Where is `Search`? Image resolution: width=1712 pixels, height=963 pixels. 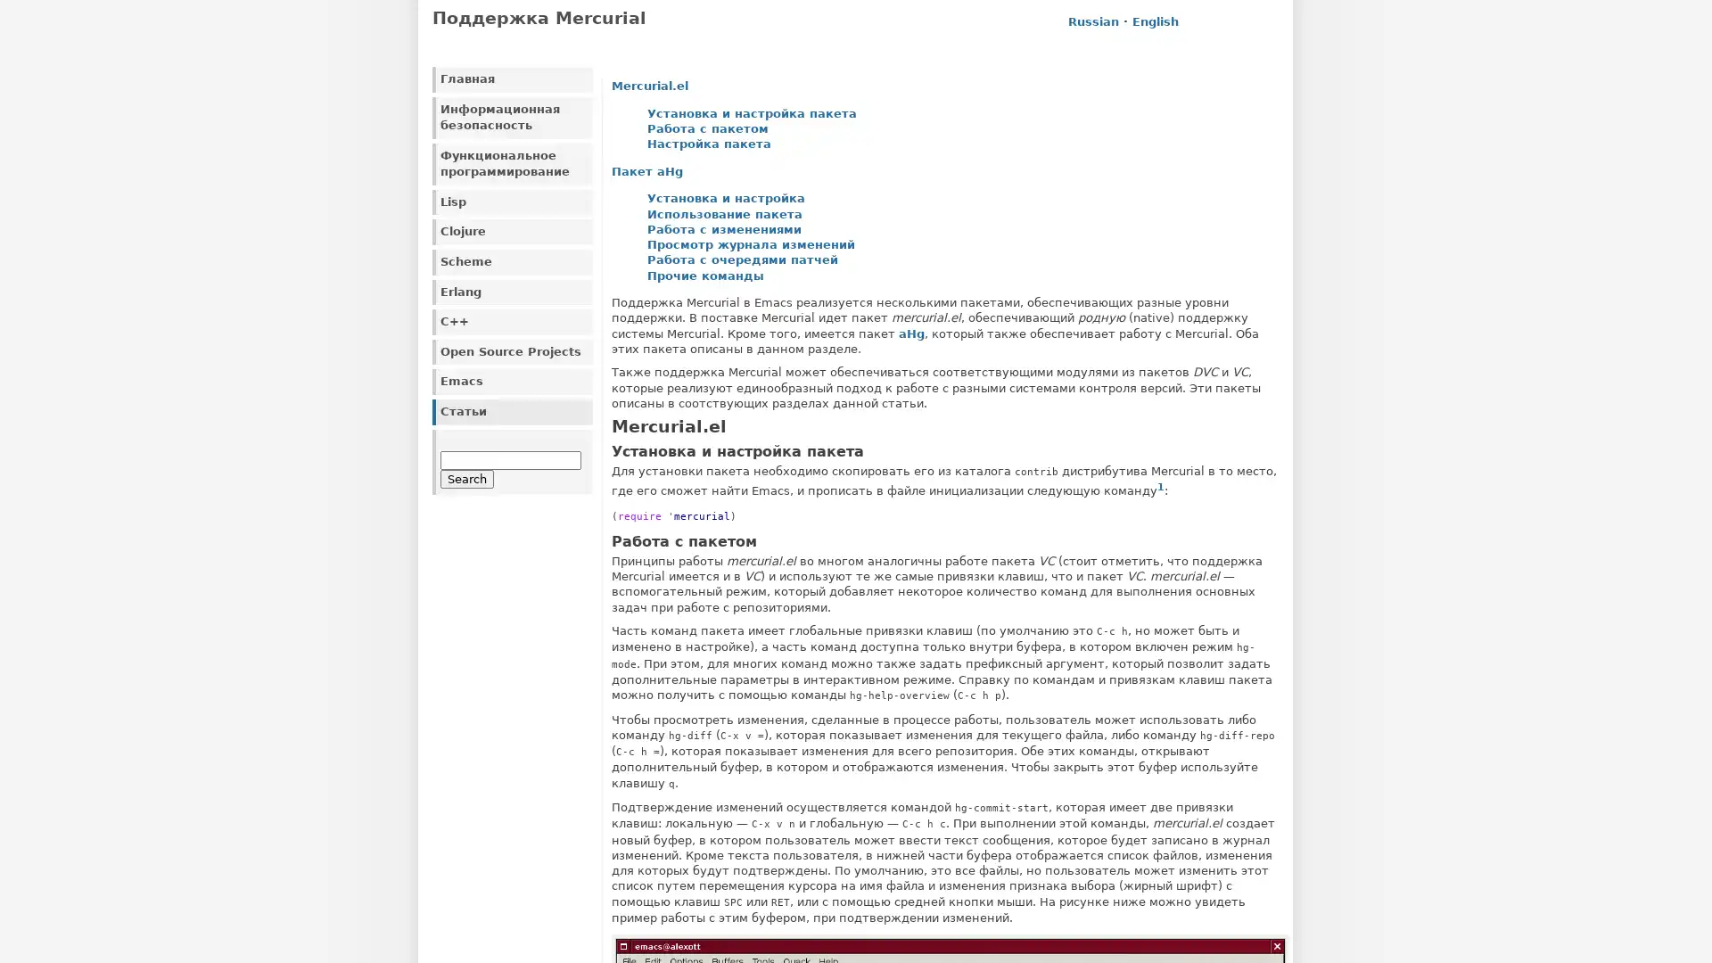
Search is located at coordinates (466, 478).